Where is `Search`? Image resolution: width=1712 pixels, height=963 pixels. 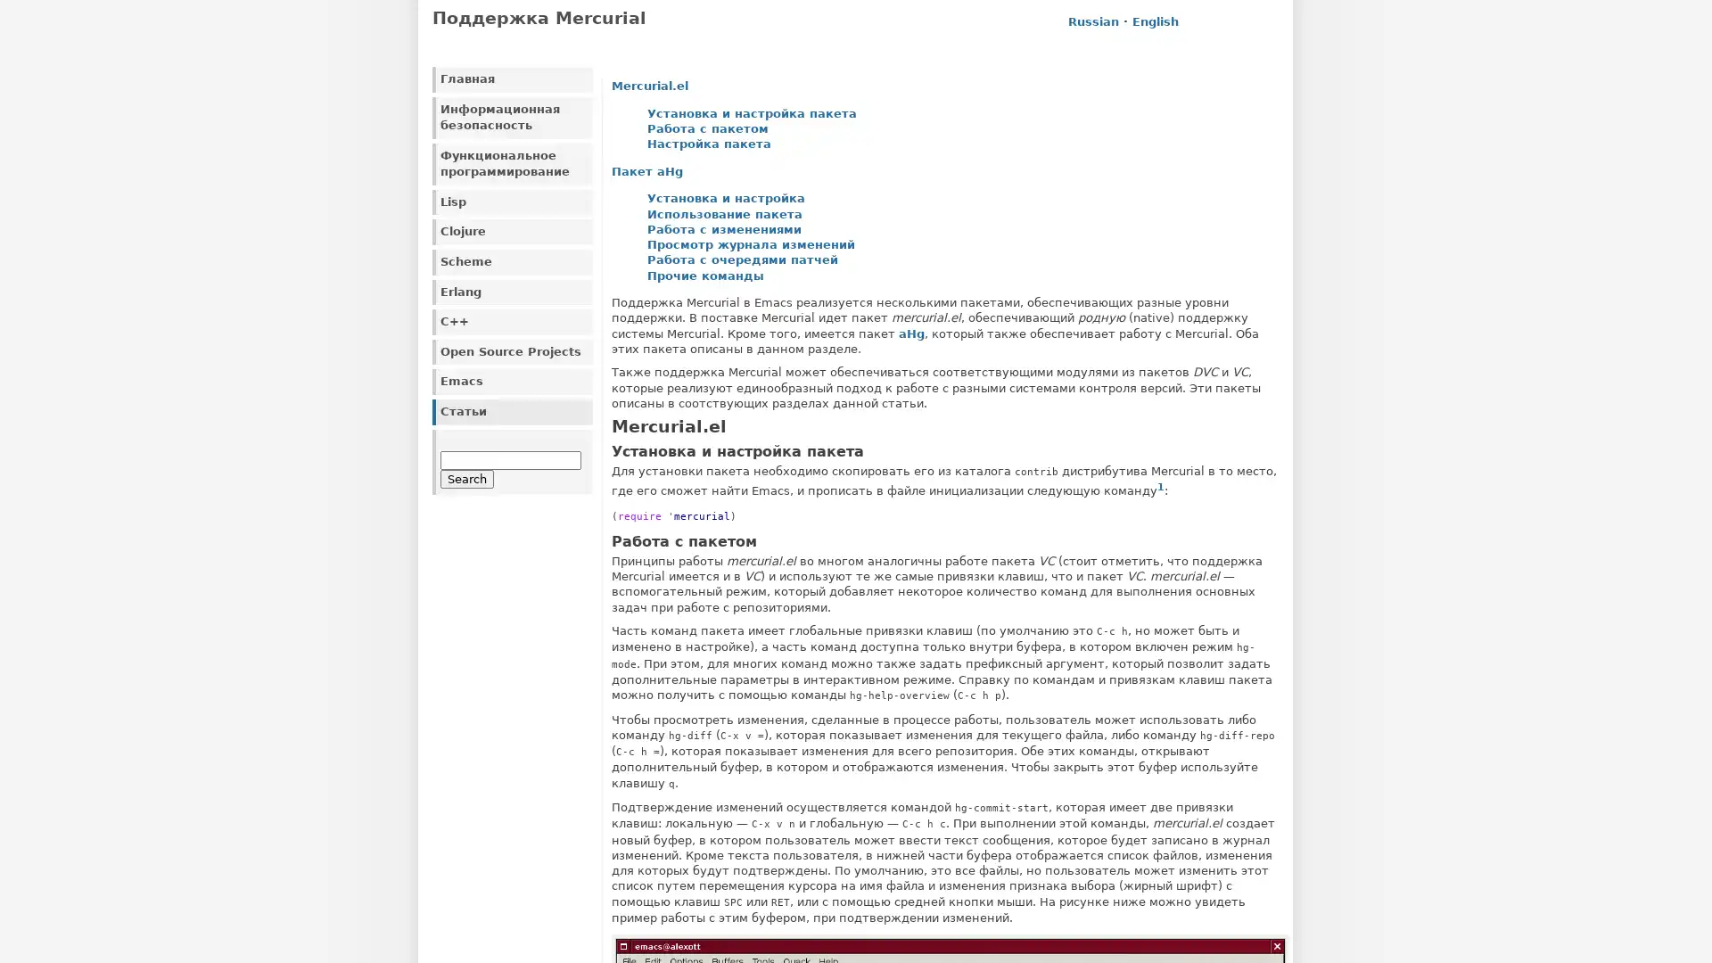
Search is located at coordinates (466, 478).